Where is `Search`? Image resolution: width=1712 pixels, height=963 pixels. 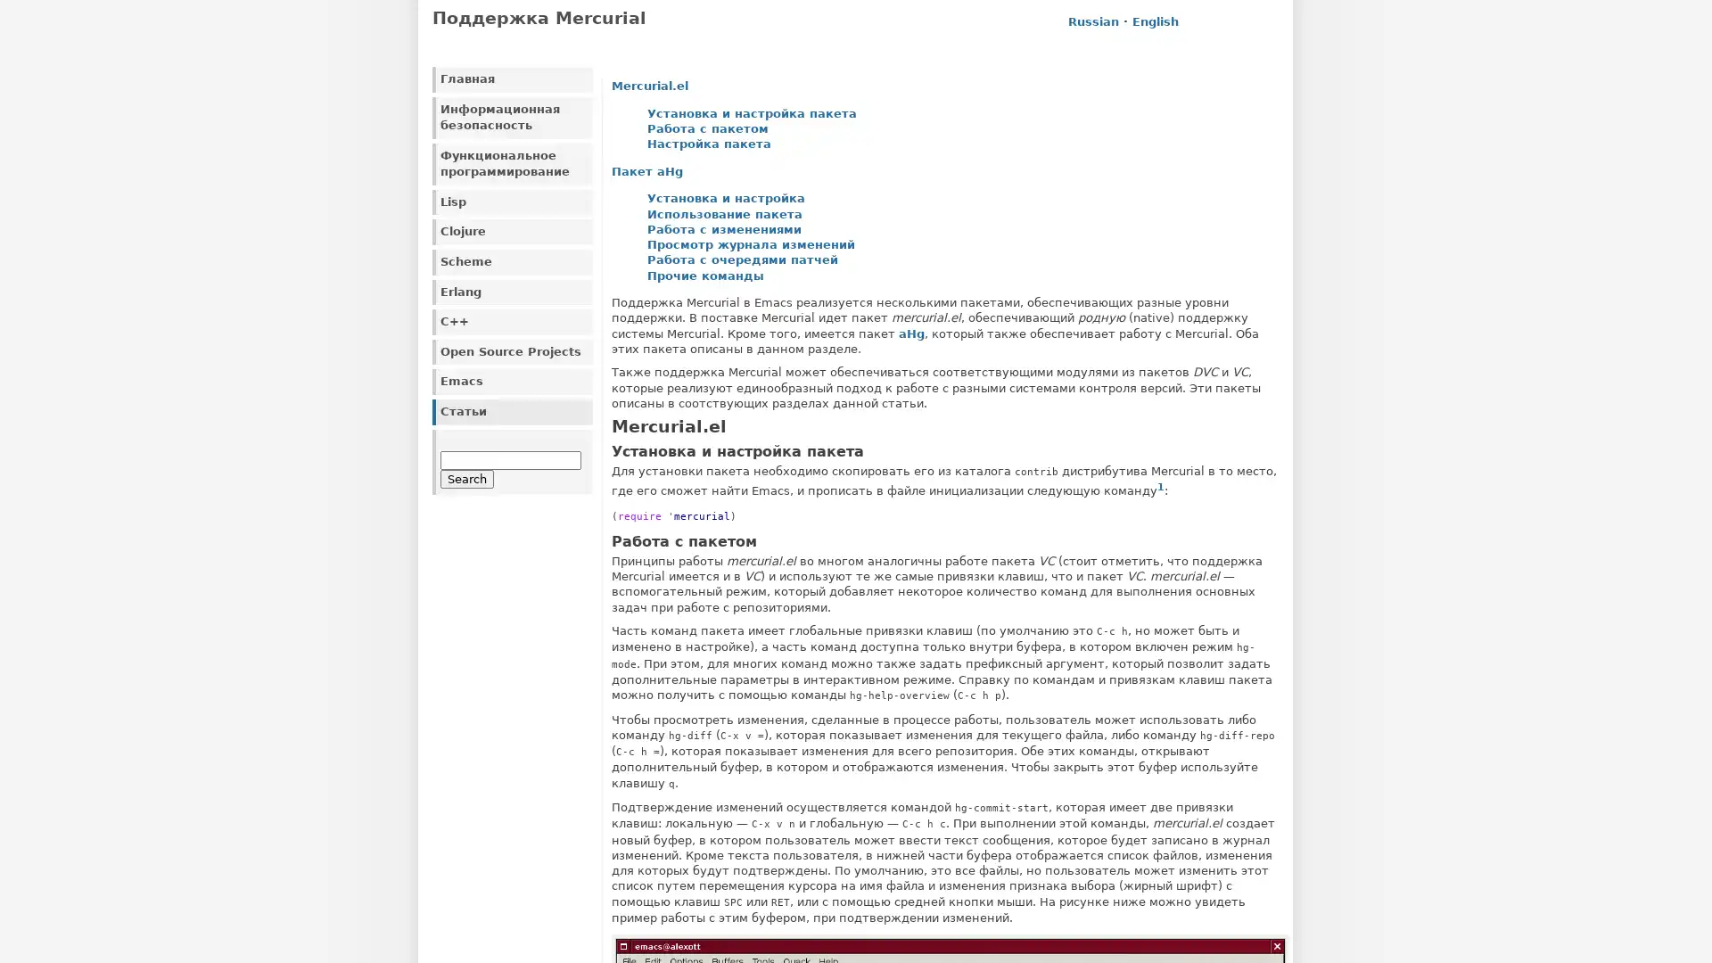
Search is located at coordinates (466, 478).